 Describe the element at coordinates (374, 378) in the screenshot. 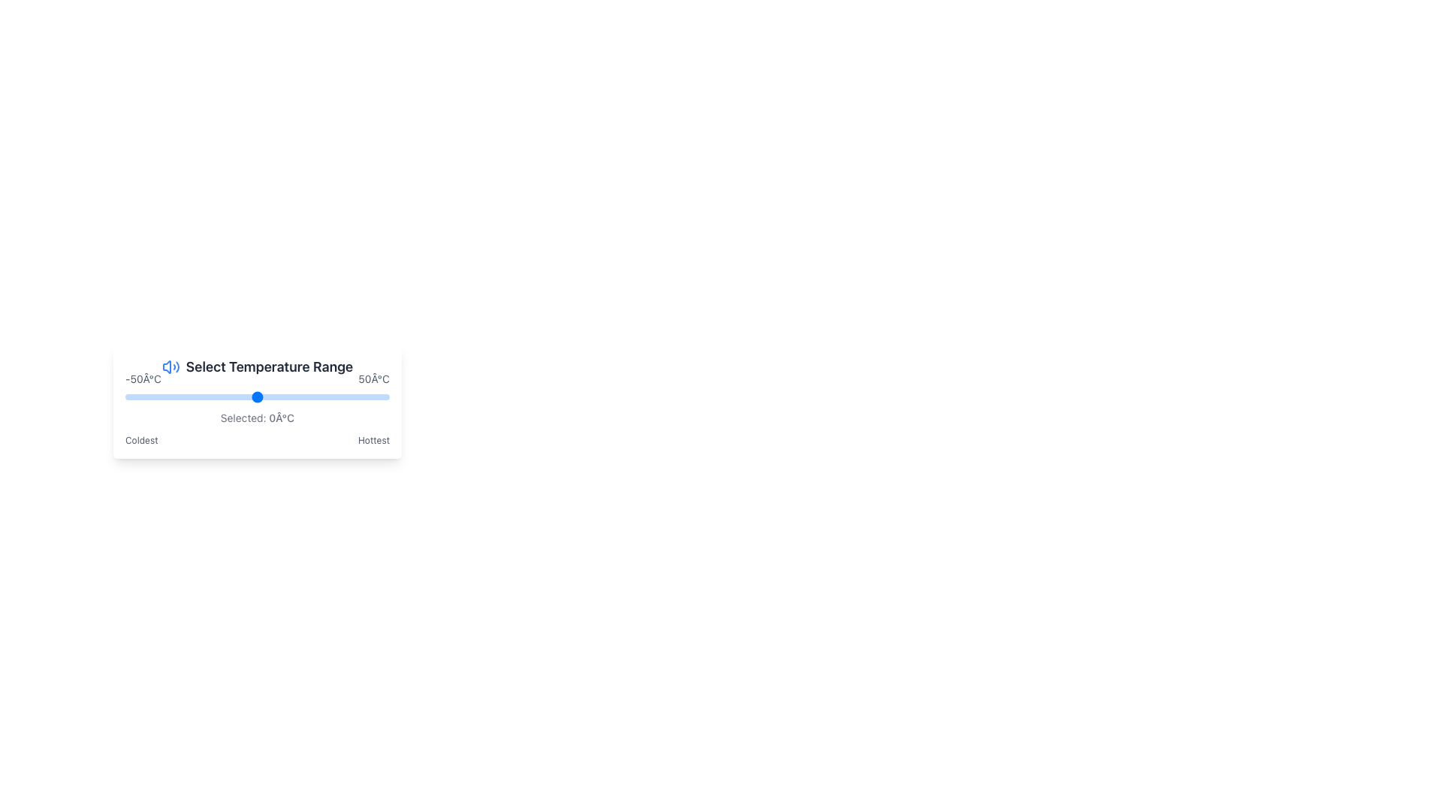

I see `the Text Label displaying '50°C', which is styled with a small font size and gray color, located at the top-right corner of the temperature range slider component` at that location.